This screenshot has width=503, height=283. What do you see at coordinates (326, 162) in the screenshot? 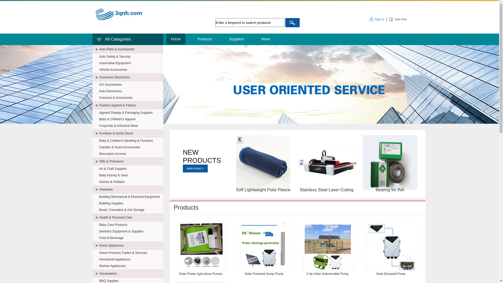
I see `'Stainless Steel Laser Cutting Machine'` at bounding box center [326, 162].